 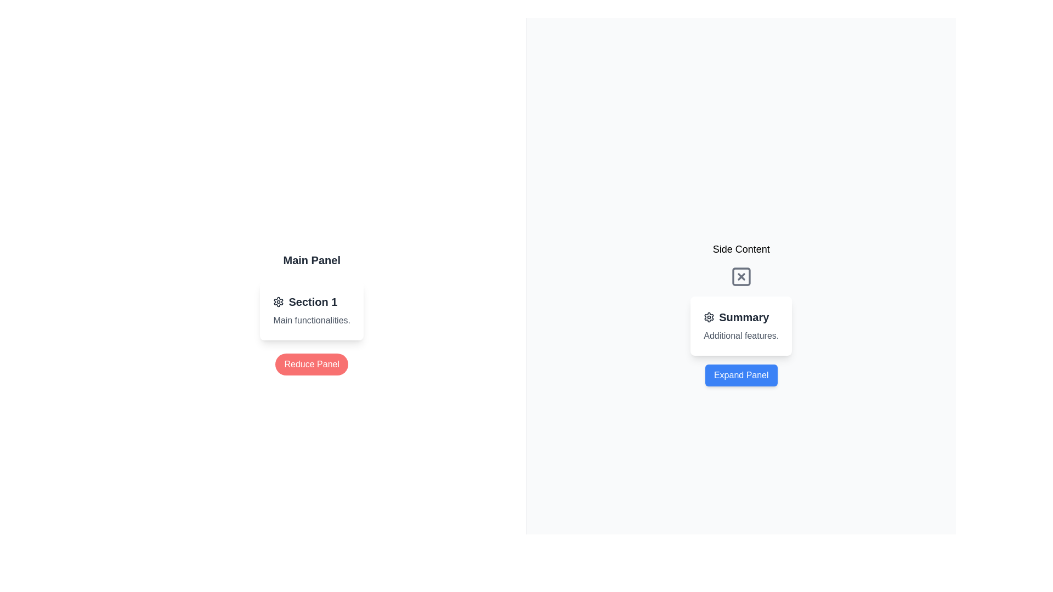 I want to click on the Text header element, which serves as a title for a grouped section of features and is located in the 'Side Content' section of the interface, above the 'Additional features' description and the 'Expand Panel' button, so click(x=736, y=317).